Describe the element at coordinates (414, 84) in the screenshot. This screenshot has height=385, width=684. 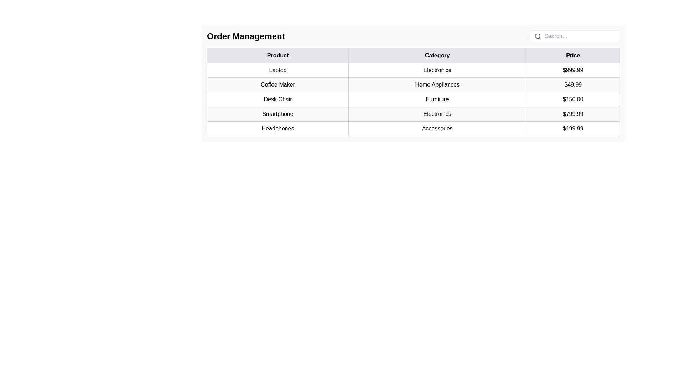
I see `the second row of the product table that displays information about a specific product, including its name, category, and price` at that location.